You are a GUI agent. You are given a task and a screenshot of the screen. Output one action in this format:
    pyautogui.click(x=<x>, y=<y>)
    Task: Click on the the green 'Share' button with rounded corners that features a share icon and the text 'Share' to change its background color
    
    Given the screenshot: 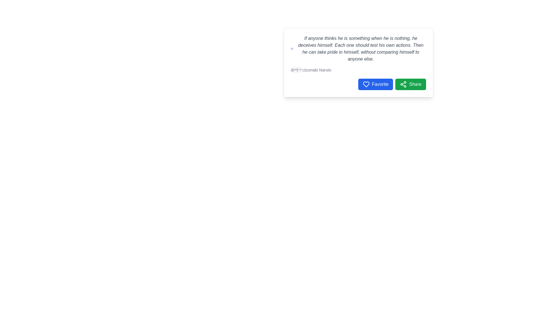 What is the action you would take?
    pyautogui.click(x=410, y=84)
    